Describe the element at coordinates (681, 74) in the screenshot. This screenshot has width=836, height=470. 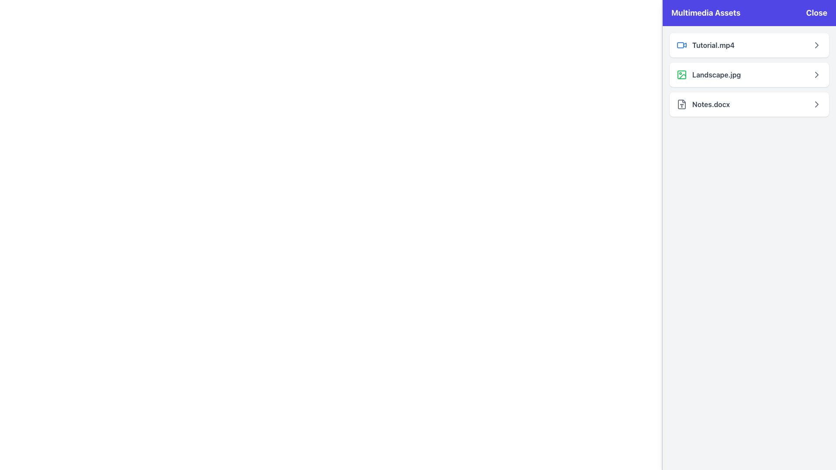
I see `the small green icon depicting an image, which has rounded corners and is located next to the text 'Landscape.jpg' in the vertical menu` at that location.